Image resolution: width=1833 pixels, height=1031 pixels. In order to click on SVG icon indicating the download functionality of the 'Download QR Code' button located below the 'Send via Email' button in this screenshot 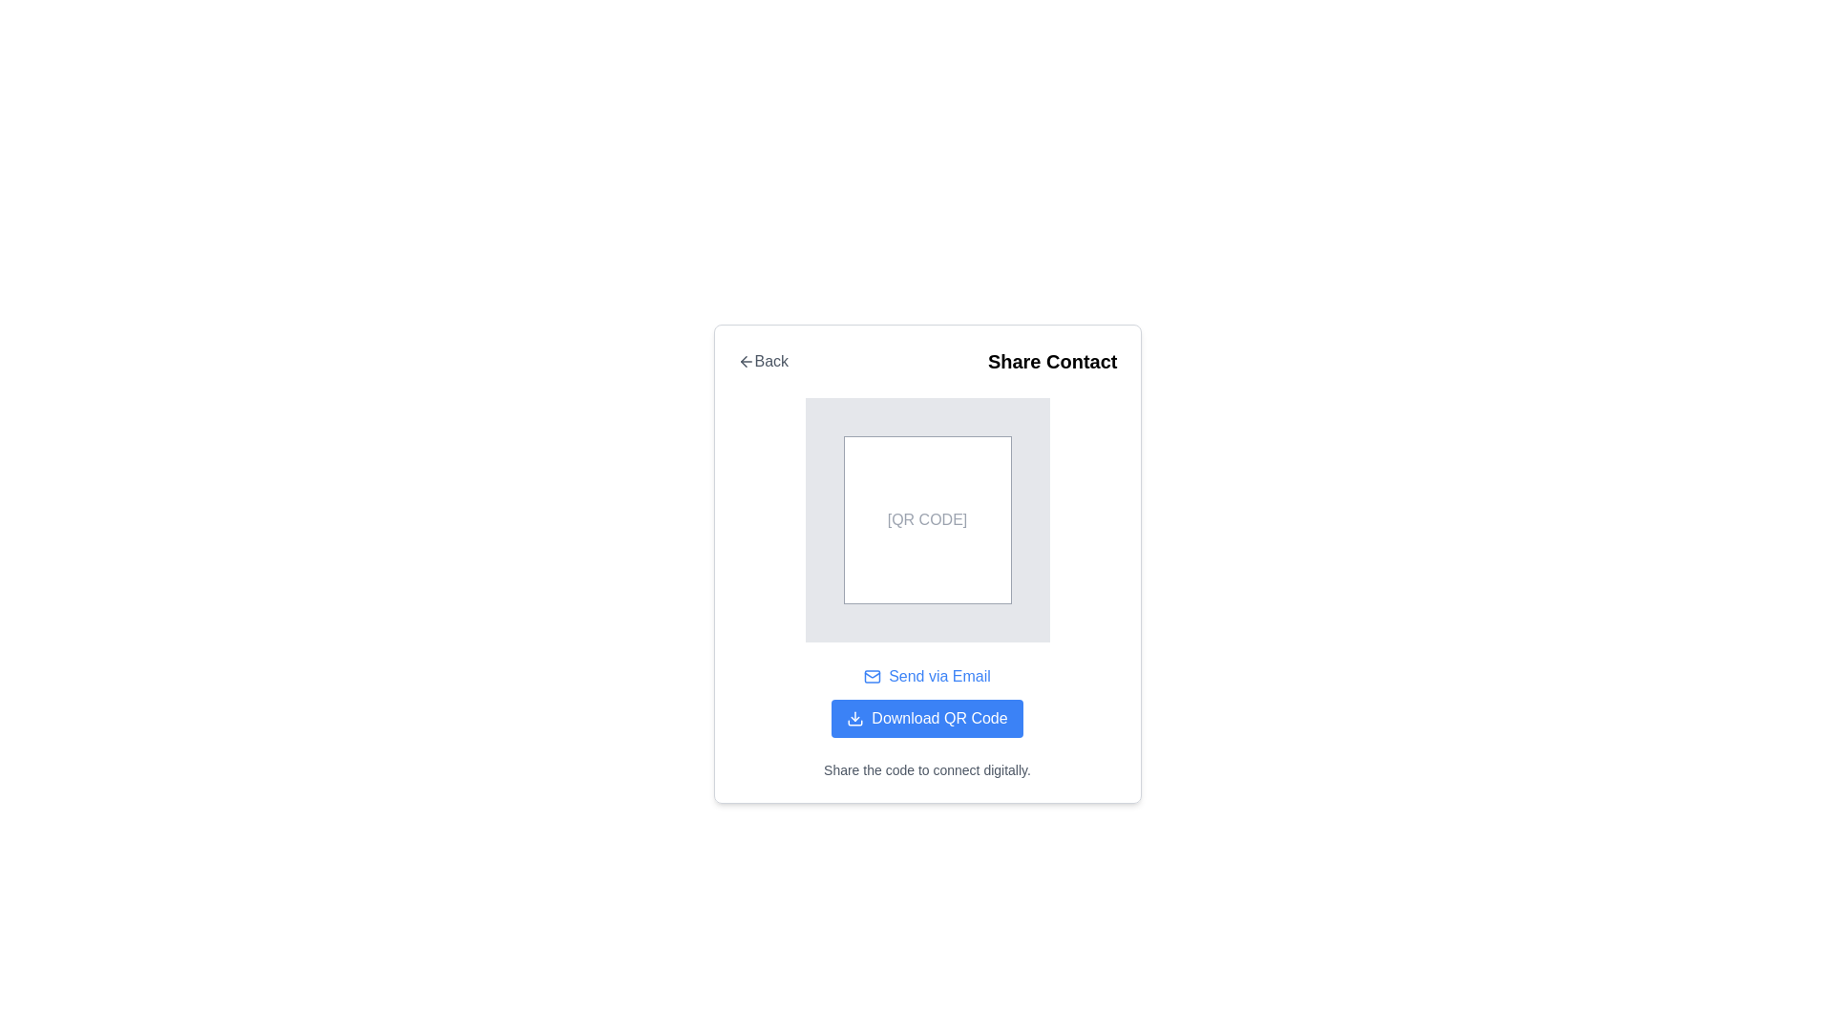, I will do `click(854, 718)`.